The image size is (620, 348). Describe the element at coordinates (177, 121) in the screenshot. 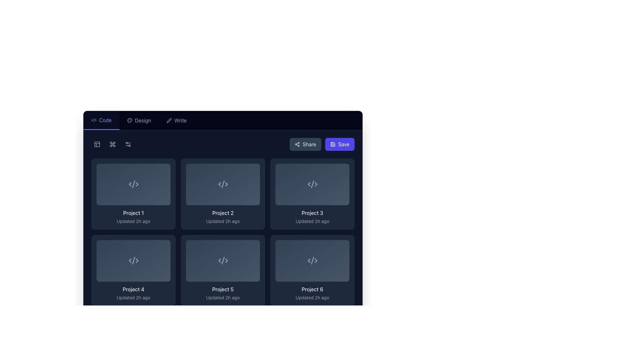

I see `the 'Write' menu item, which is the third option from the left` at that location.